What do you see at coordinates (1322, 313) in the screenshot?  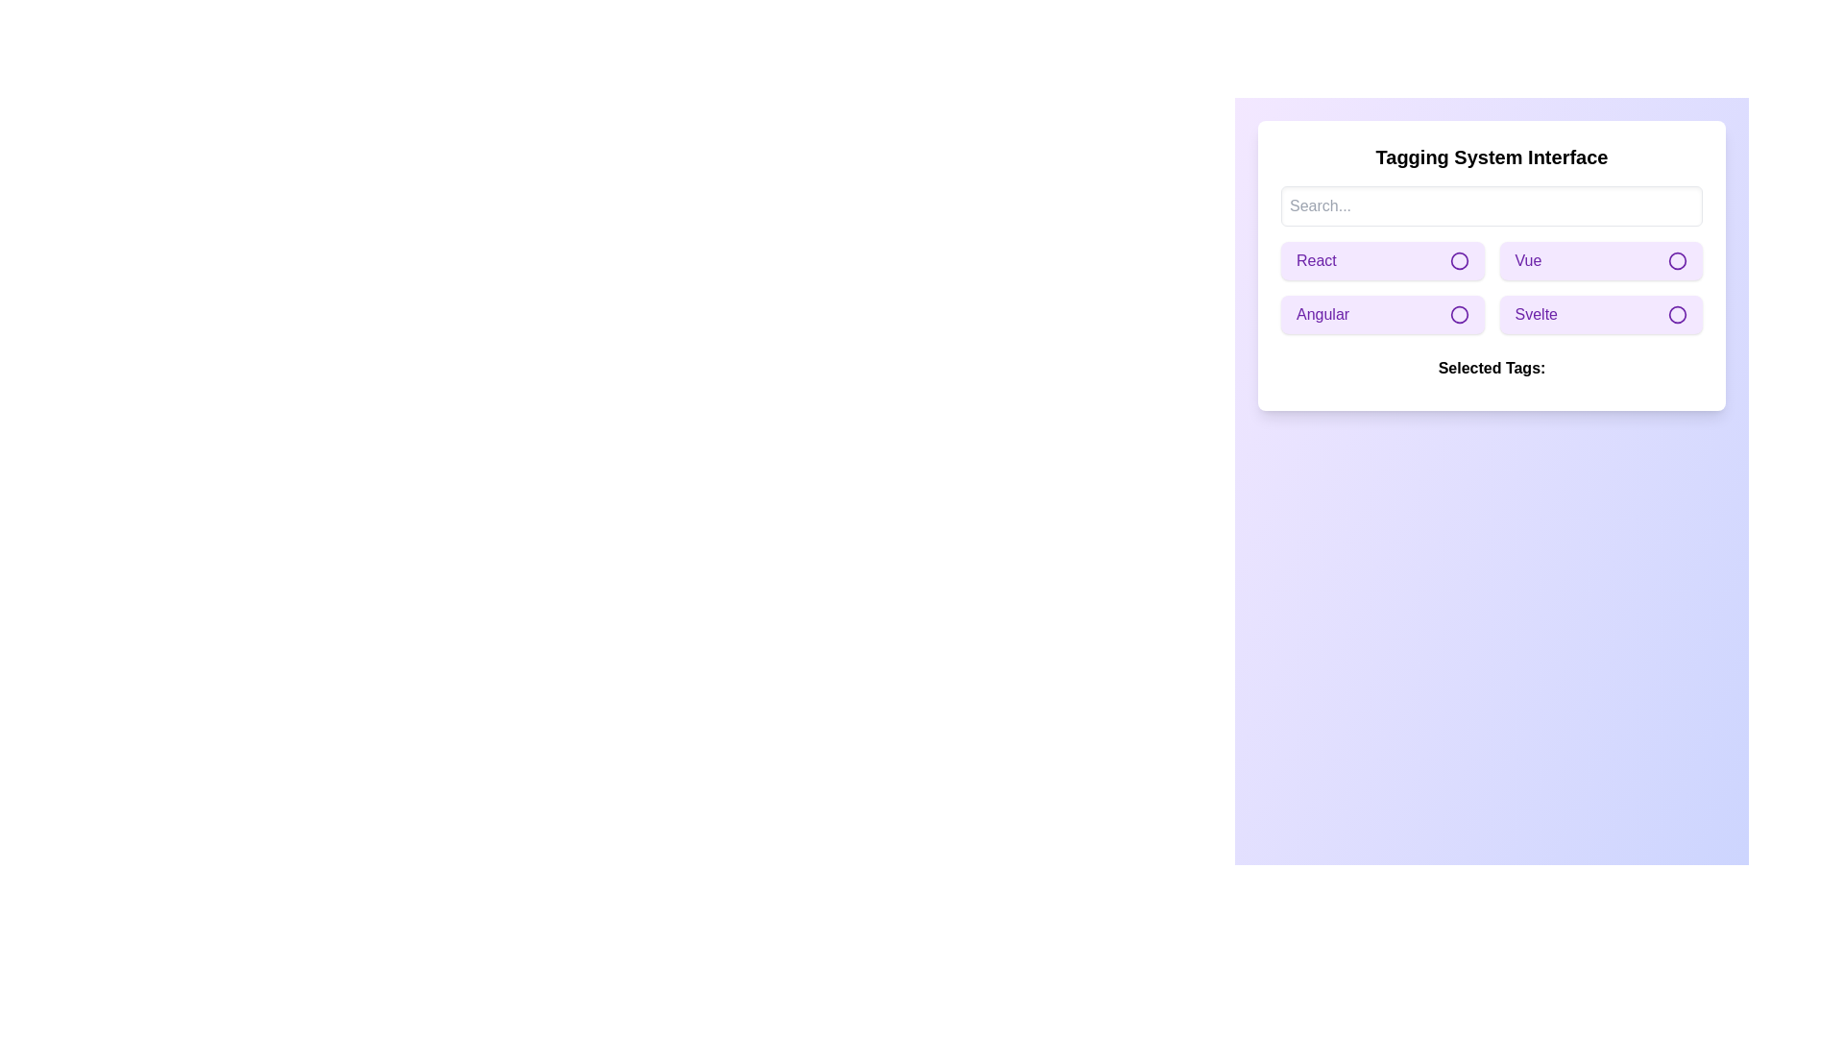 I see `the text label reading 'Angular' displayed in purple within the tag component` at bounding box center [1322, 313].